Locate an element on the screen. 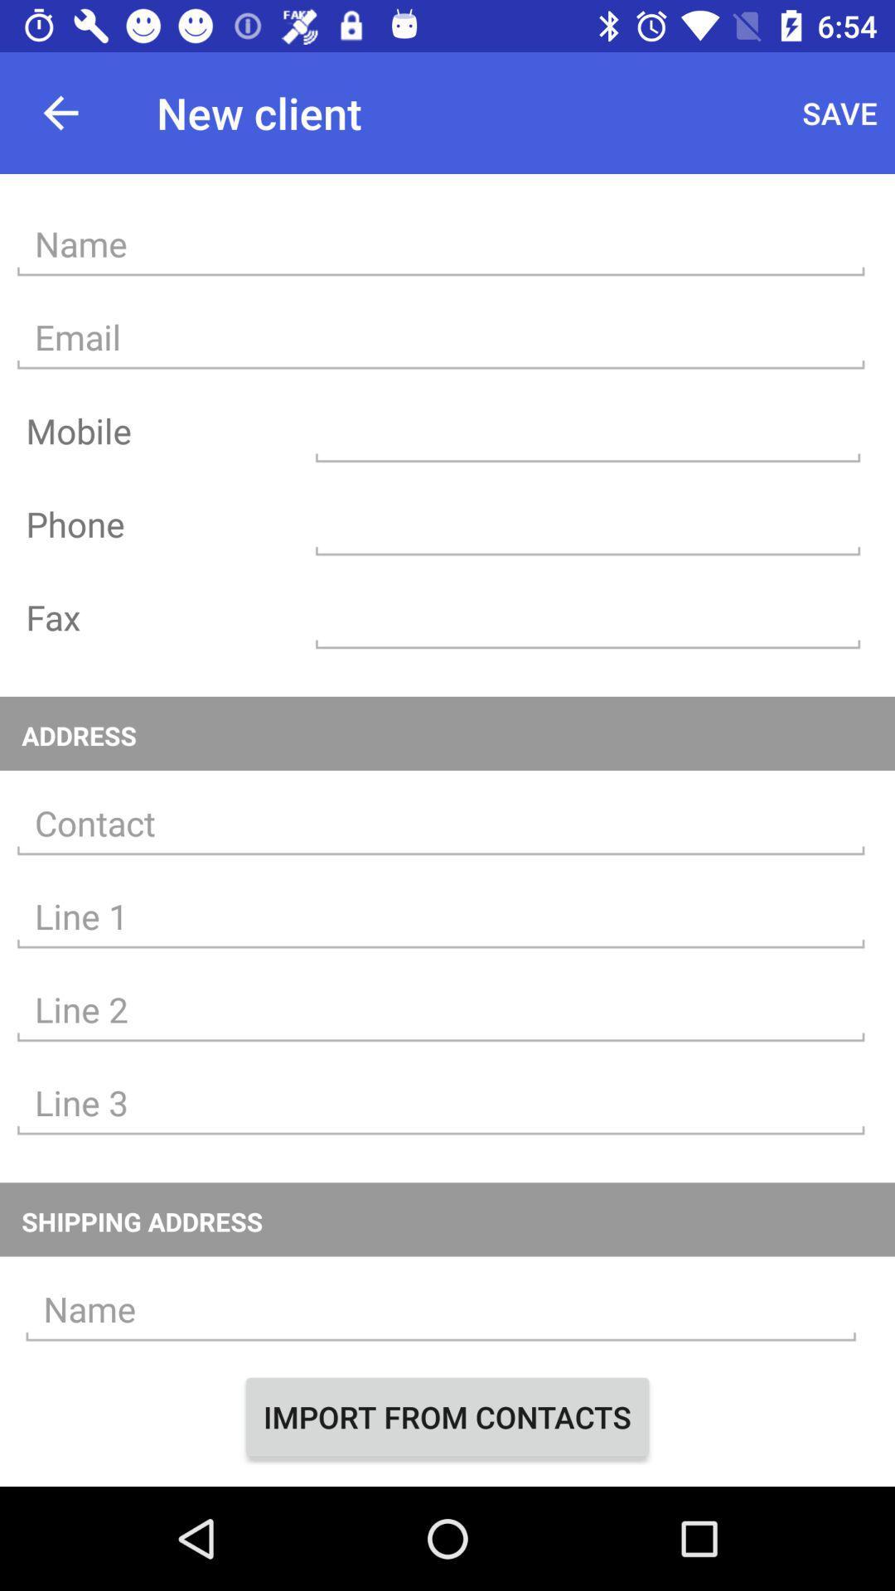  icon below shipping address icon is located at coordinates (440, 1308).